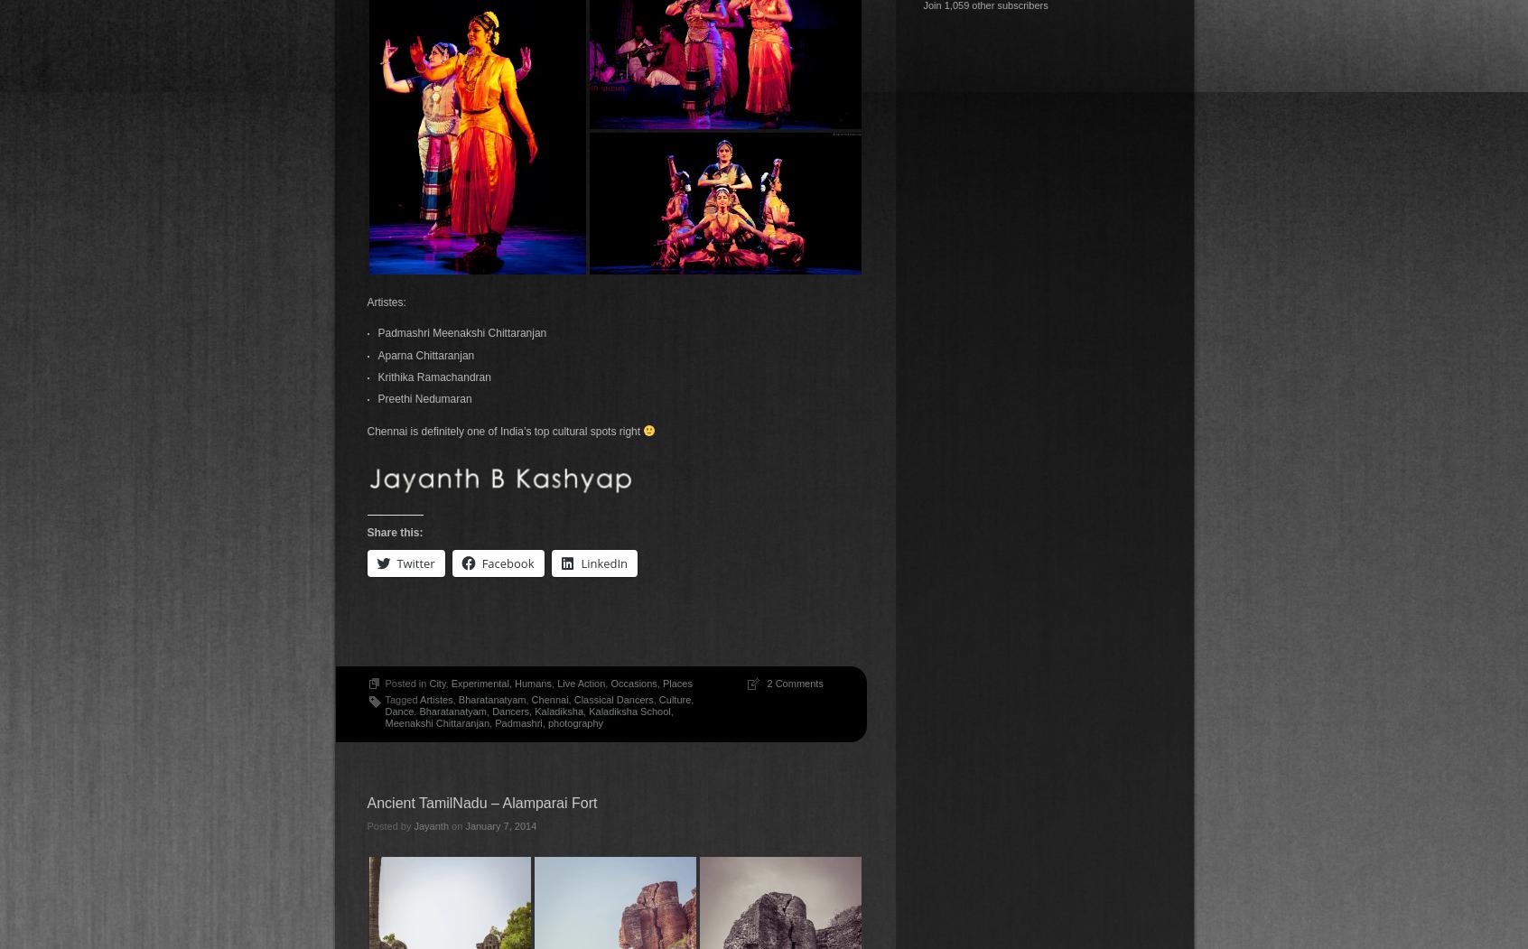 The image size is (1528, 949). Describe the element at coordinates (367, 826) in the screenshot. I see `'Posted by'` at that location.